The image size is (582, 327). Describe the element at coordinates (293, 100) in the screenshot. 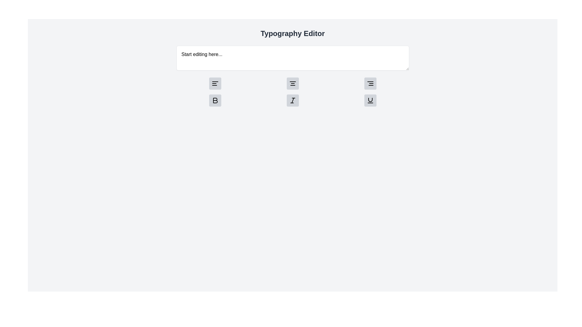

I see `the 'Italic' icon, represented by a stylized letter 'I' tilted to the right` at that location.